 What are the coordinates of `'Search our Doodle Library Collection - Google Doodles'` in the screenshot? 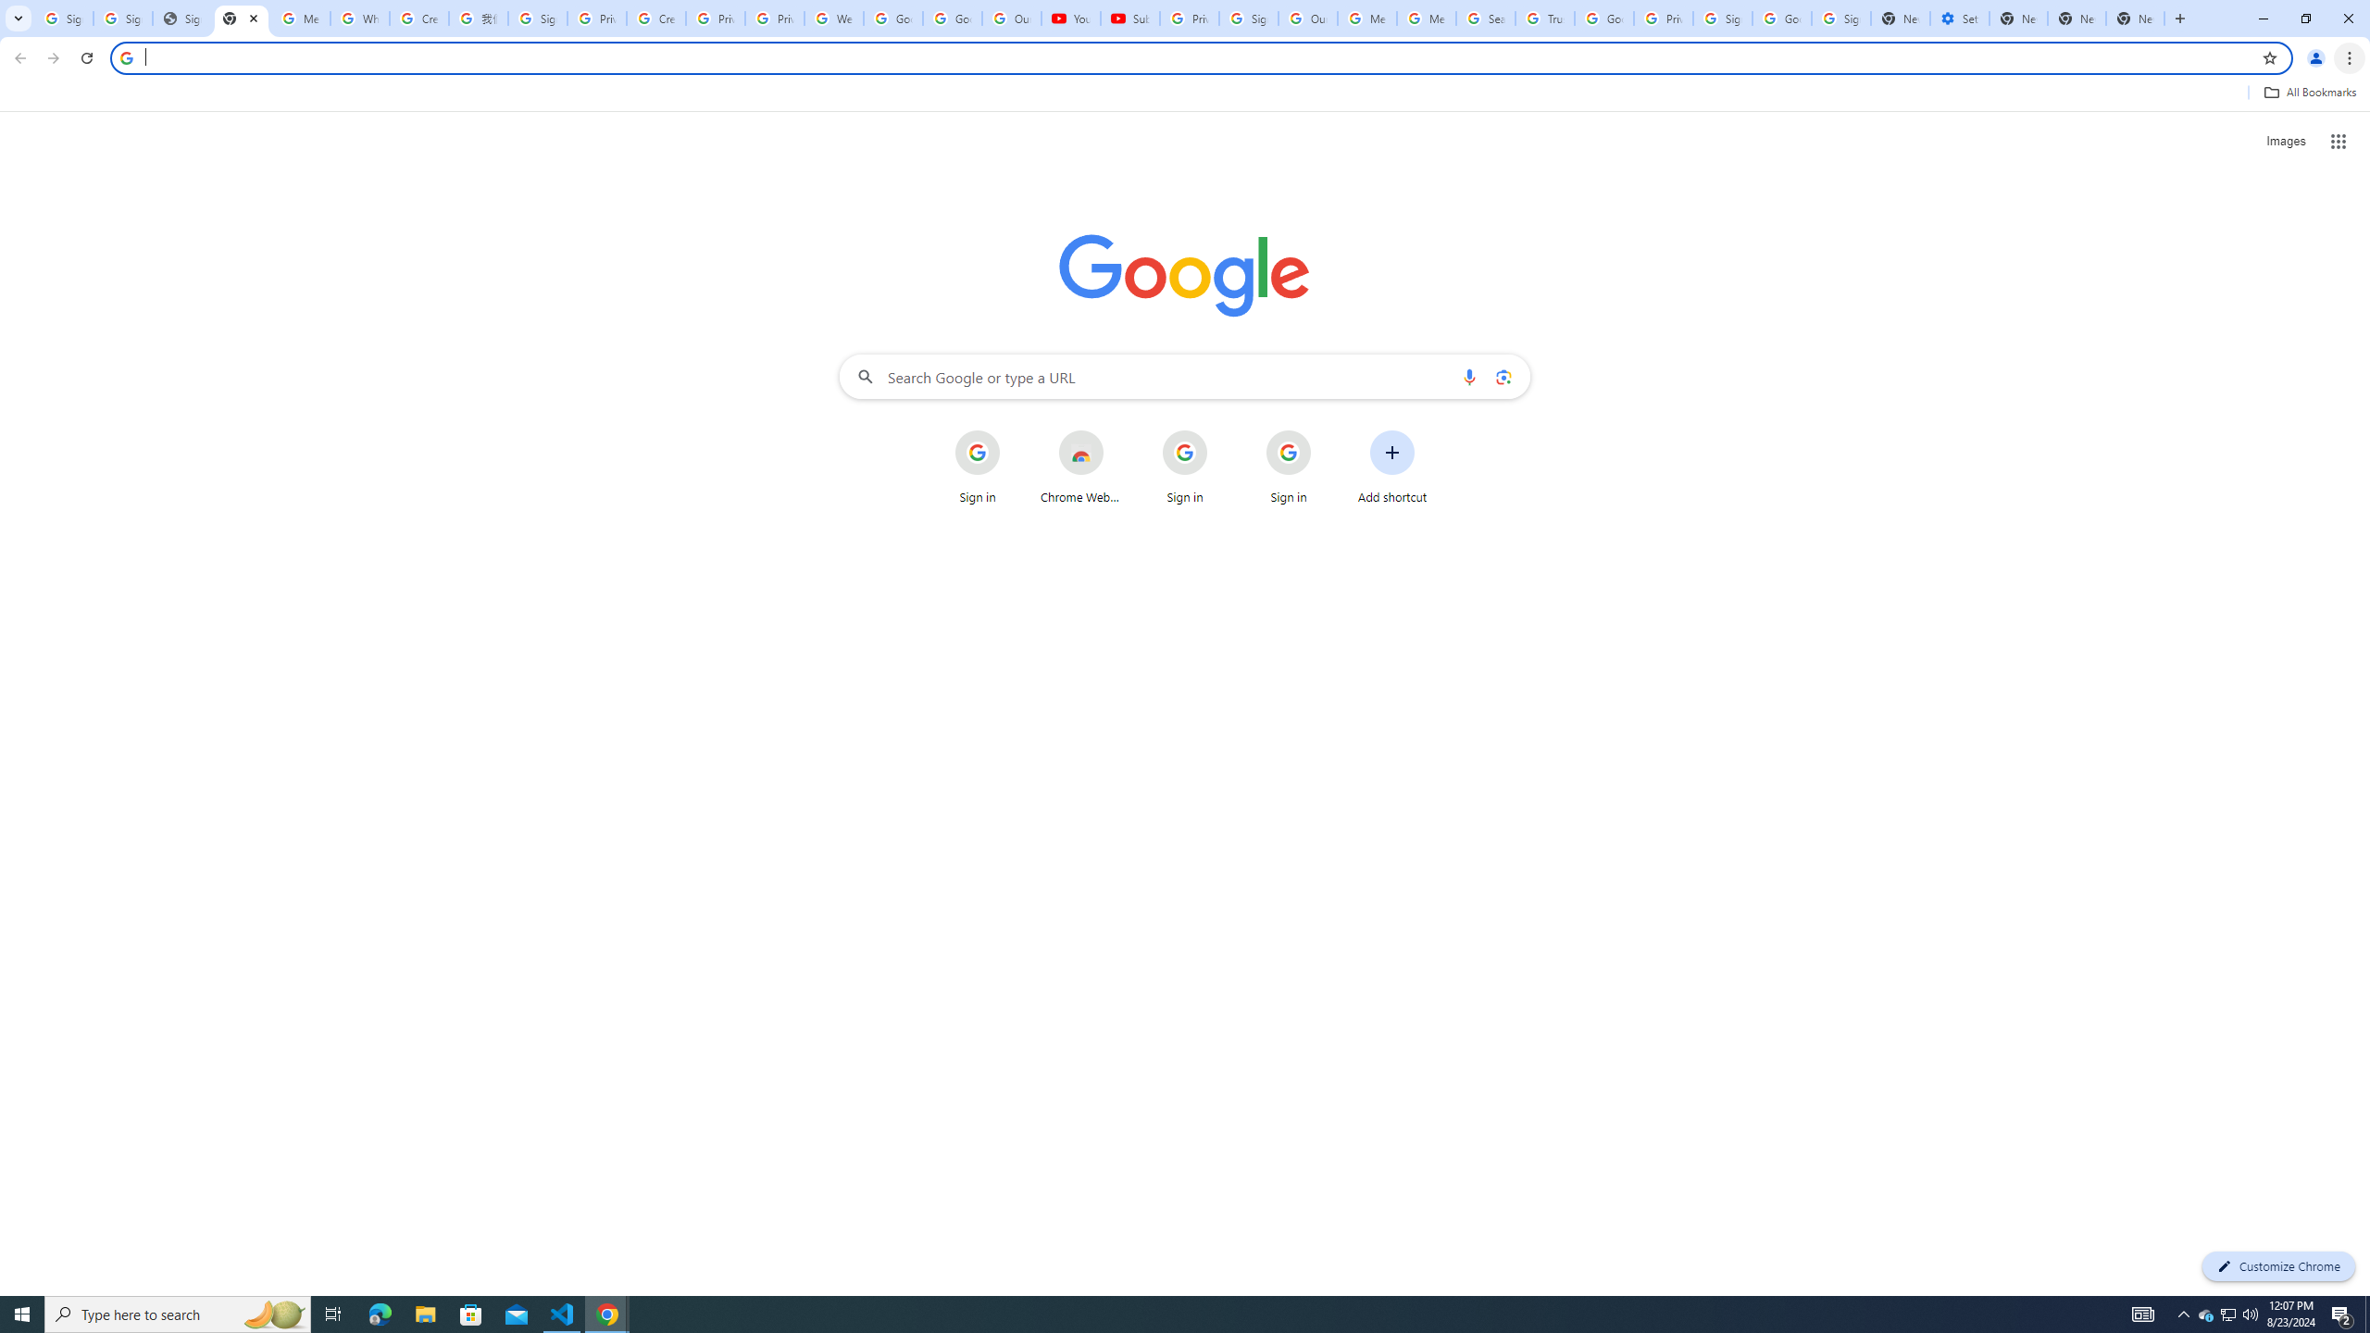 It's located at (1486, 18).